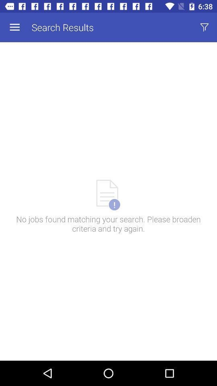 The width and height of the screenshot is (217, 386). I want to click on app to the left of search results item, so click(14, 27).